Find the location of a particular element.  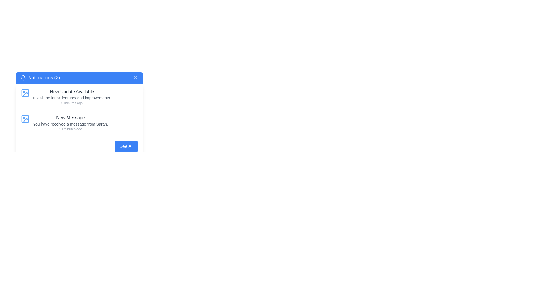

the header label for the notification section, which indicates the section's purpose and shows the number of unread notifications is located at coordinates (40, 78).